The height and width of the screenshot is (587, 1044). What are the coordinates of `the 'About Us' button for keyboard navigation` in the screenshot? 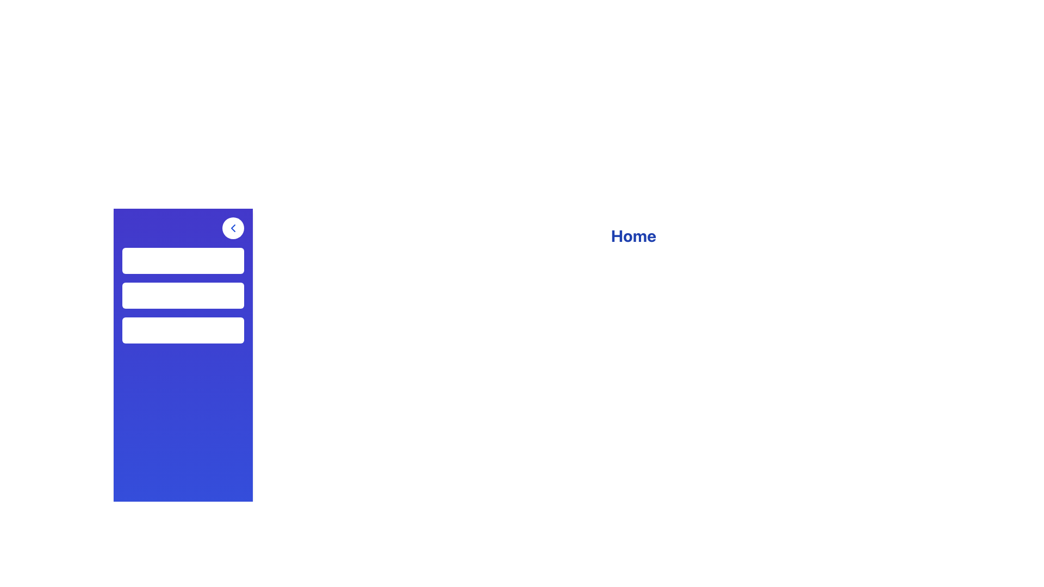 It's located at (183, 330).